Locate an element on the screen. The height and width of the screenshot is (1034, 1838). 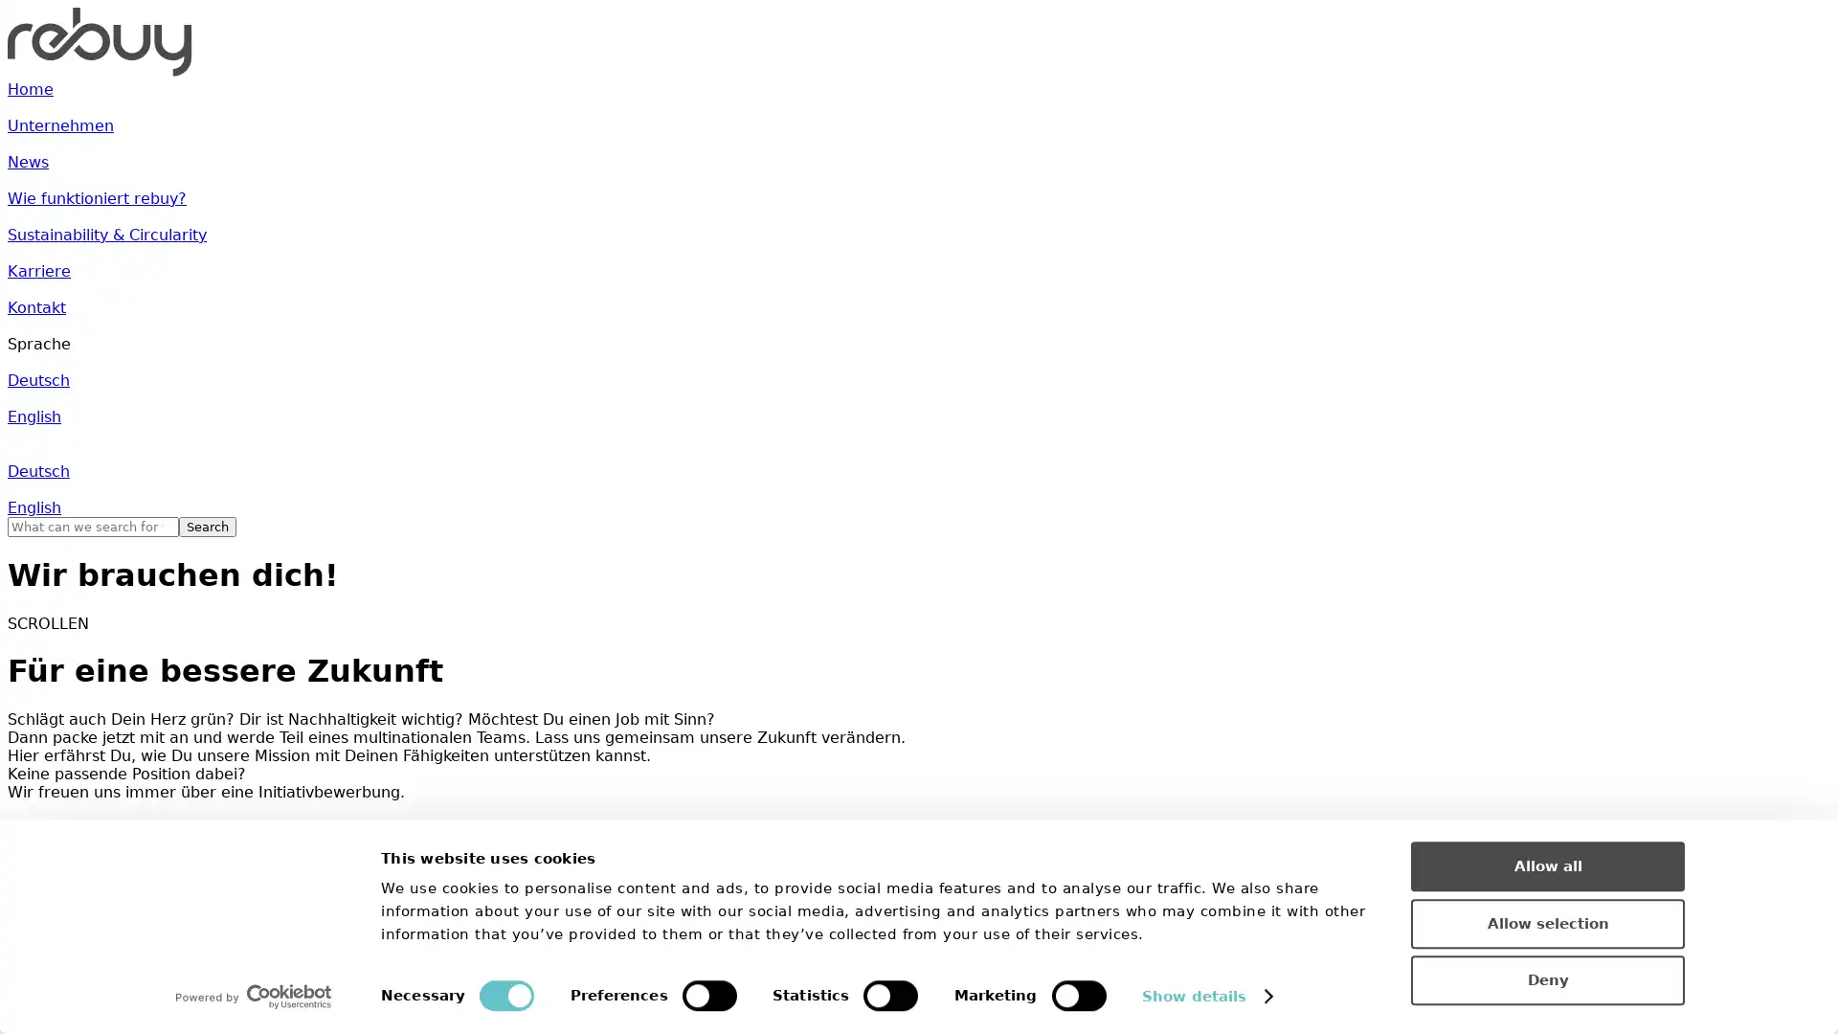
Allow selection is located at coordinates (1548, 918).